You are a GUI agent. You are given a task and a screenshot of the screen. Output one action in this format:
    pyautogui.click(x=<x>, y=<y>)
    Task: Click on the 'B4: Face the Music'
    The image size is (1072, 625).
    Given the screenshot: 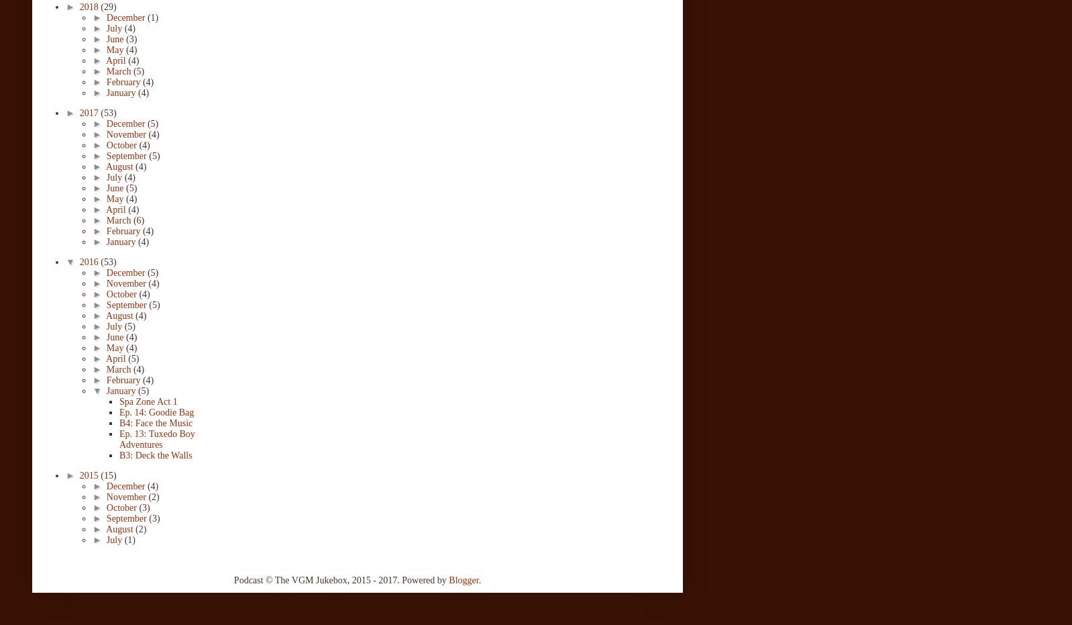 What is the action you would take?
    pyautogui.click(x=155, y=422)
    